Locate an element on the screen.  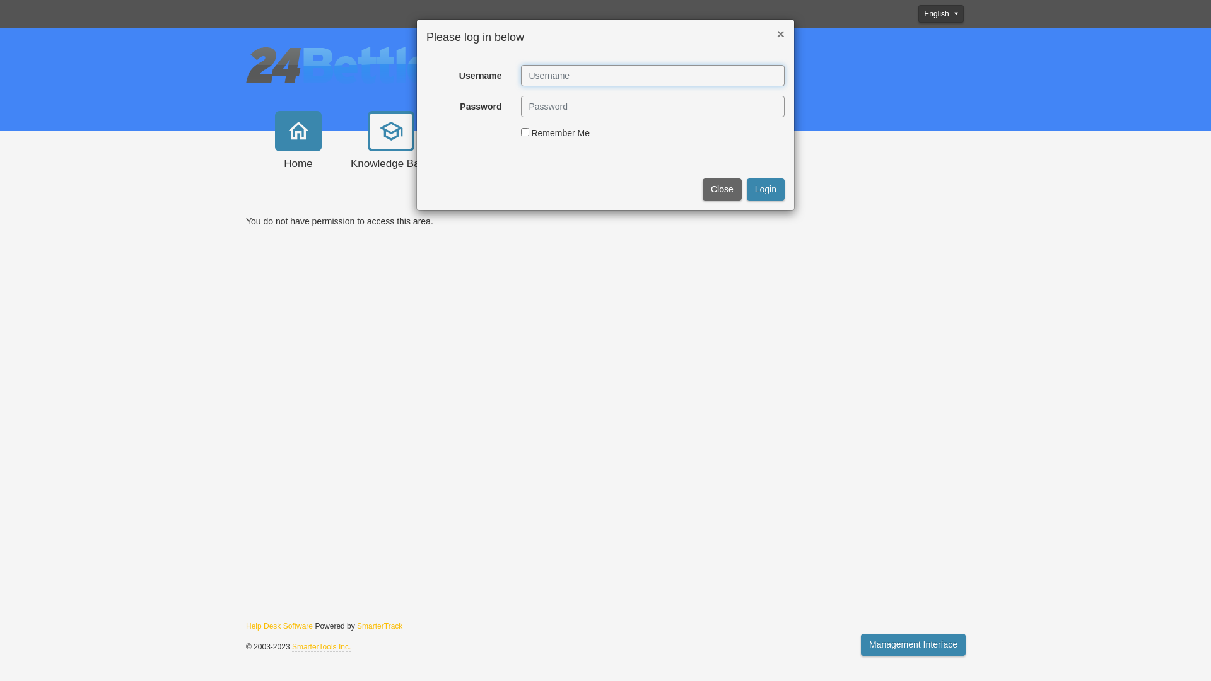
'Knowledge Base' is located at coordinates (390, 153).